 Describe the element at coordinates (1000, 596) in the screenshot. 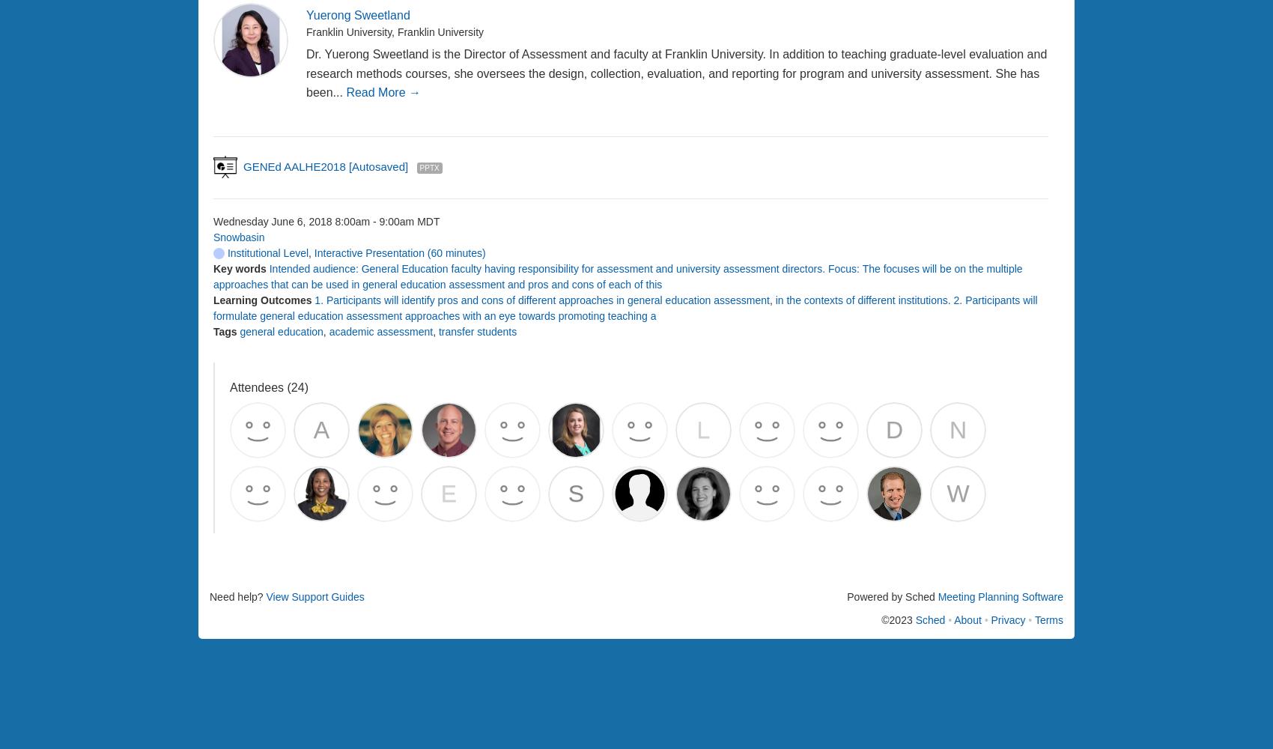

I see `'Meeting Planning Software'` at that location.